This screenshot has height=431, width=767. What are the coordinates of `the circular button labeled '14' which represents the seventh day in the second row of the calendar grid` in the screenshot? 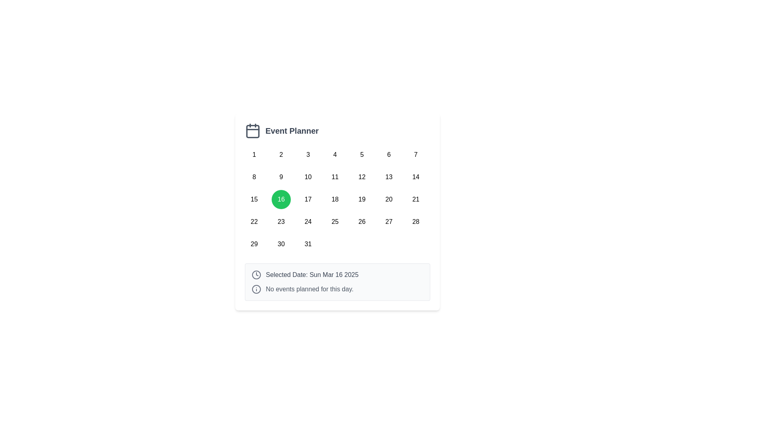 It's located at (415, 176).